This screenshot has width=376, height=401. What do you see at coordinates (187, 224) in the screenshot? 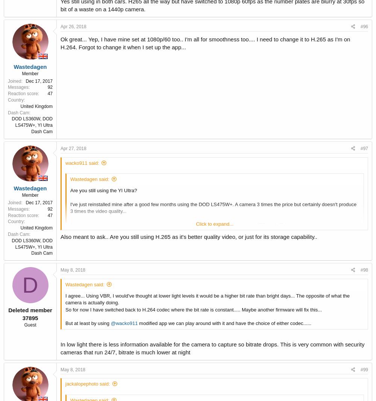
I see `'So just wondering if you and others on here are still using the YI, and if you're using H.265 or H. 264 codec...'` at bounding box center [187, 224].